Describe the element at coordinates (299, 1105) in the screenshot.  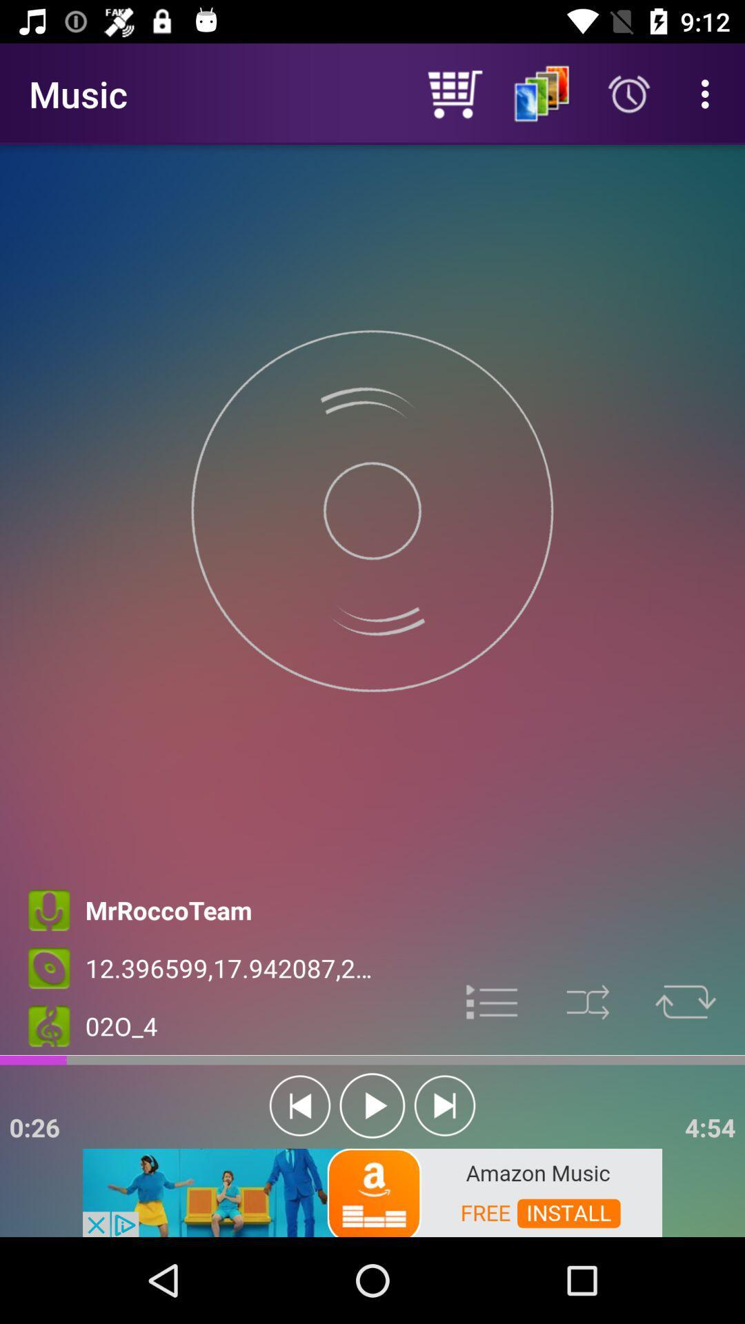
I see `go back` at that location.